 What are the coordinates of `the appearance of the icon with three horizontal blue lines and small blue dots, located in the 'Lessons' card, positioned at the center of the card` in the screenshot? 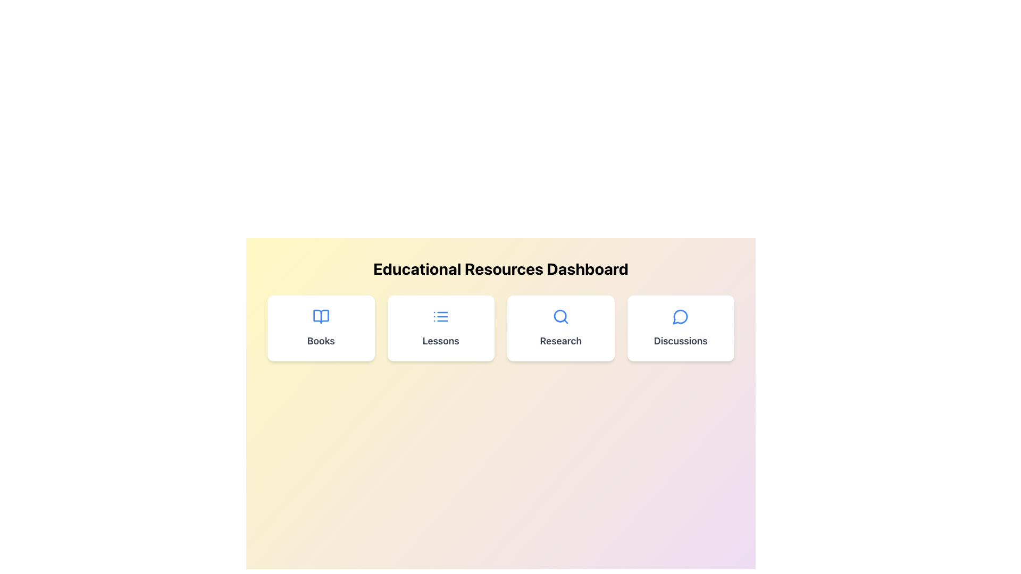 It's located at (441, 316).